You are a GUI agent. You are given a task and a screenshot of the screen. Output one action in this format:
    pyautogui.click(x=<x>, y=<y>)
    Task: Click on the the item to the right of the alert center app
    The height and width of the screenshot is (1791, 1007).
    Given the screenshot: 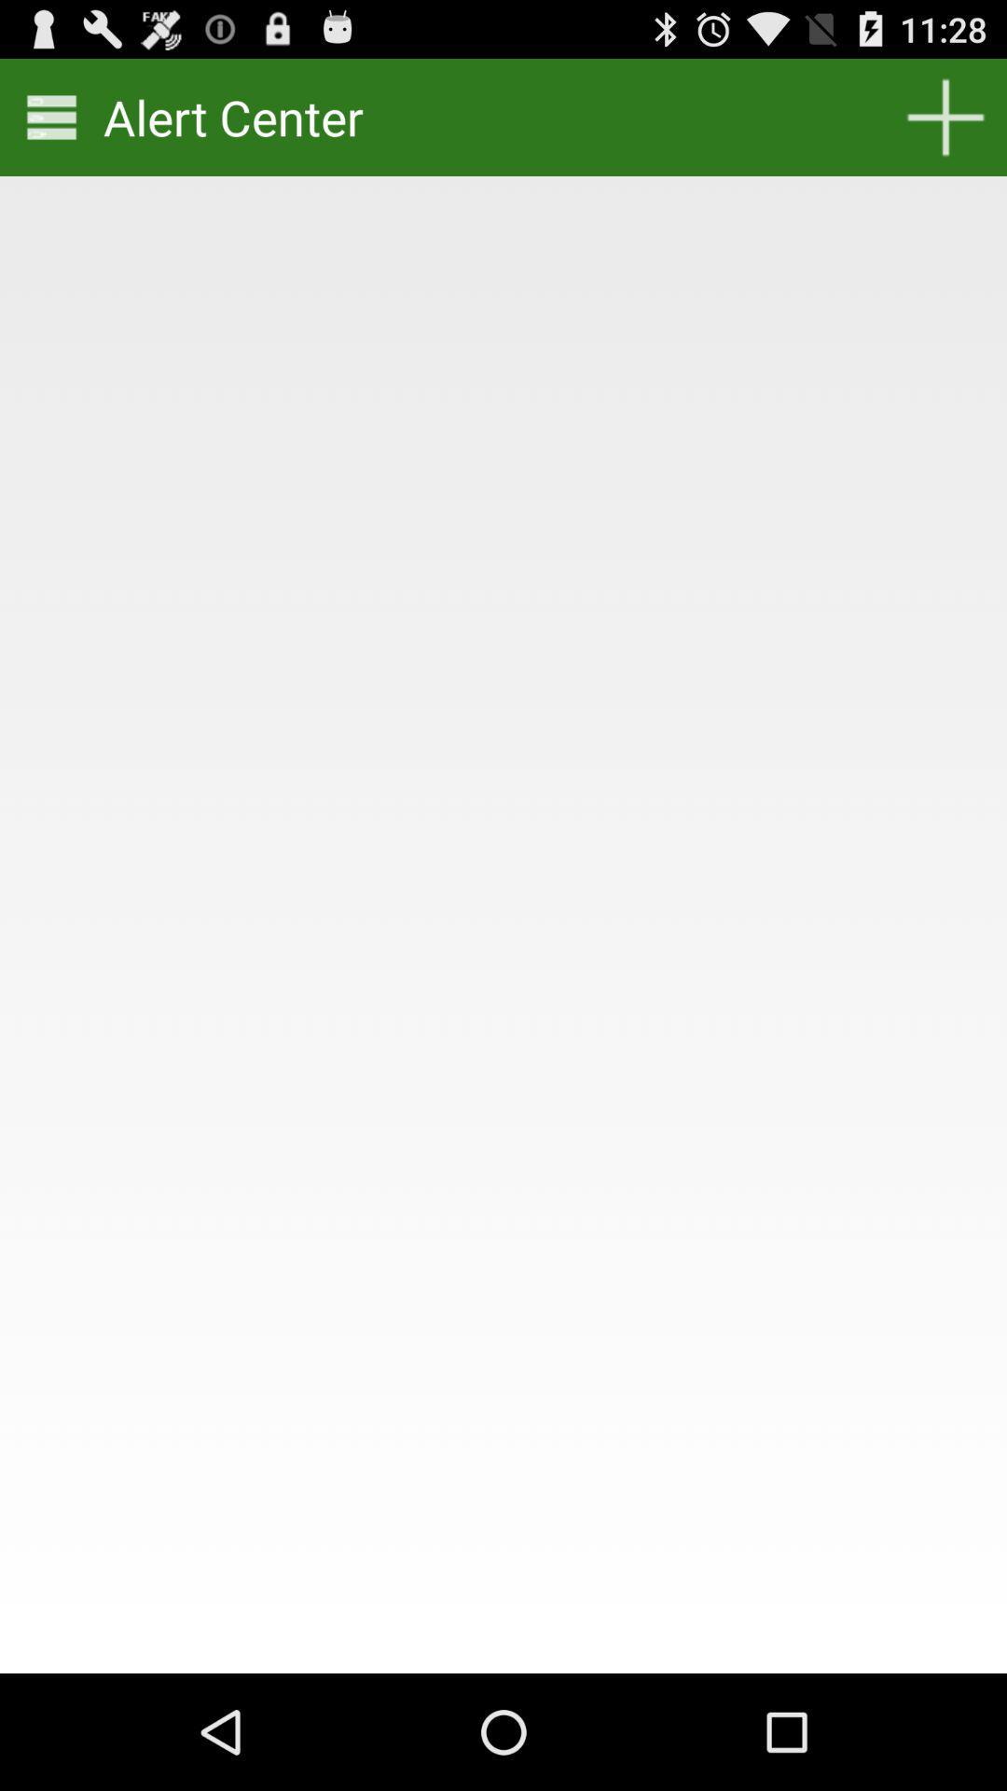 What is the action you would take?
    pyautogui.click(x=945, y=116)
    